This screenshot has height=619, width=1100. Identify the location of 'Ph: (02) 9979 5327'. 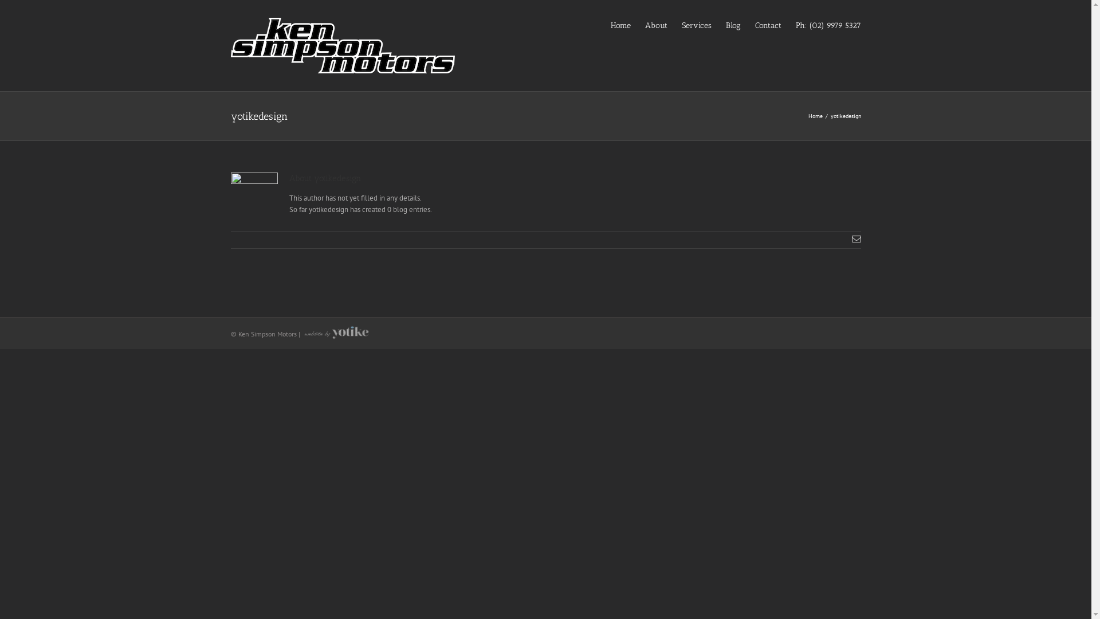
(827, 24).